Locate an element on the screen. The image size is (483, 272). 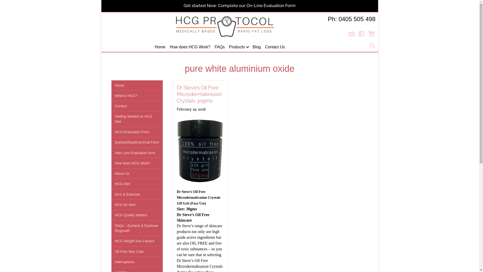
'Oil Free Skin Care' is located at coordinates (137, 252).